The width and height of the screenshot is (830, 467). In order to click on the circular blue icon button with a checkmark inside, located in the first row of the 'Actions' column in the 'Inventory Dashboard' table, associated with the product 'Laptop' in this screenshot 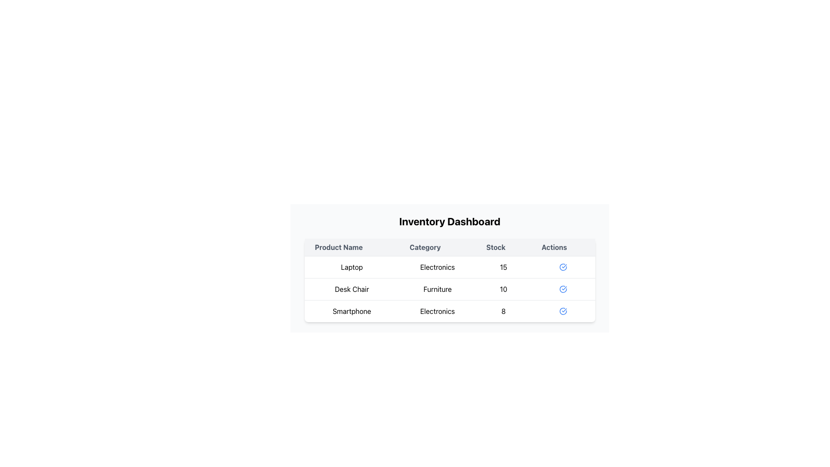, I will do `click(563, 266)`.